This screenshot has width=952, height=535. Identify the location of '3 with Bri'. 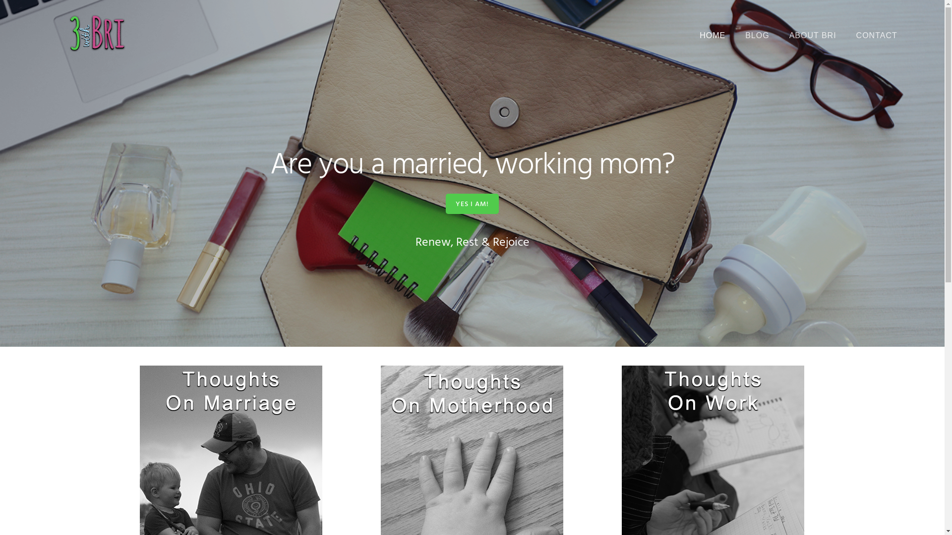
(97, 33).